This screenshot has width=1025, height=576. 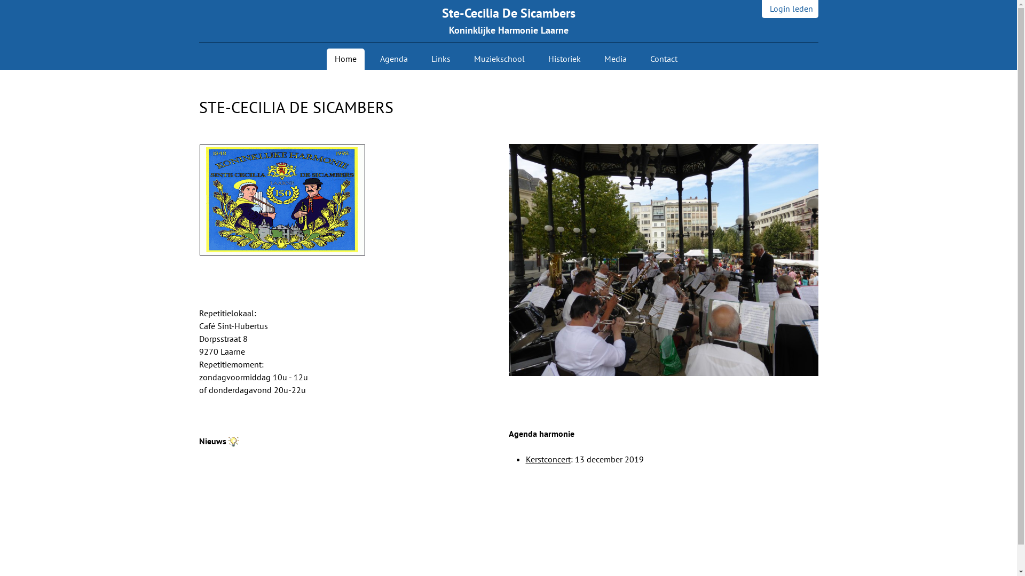 What do you see at coordinates (440, 59) in the screenshot?
I see `'Links'` at bounding box center [440, 59].